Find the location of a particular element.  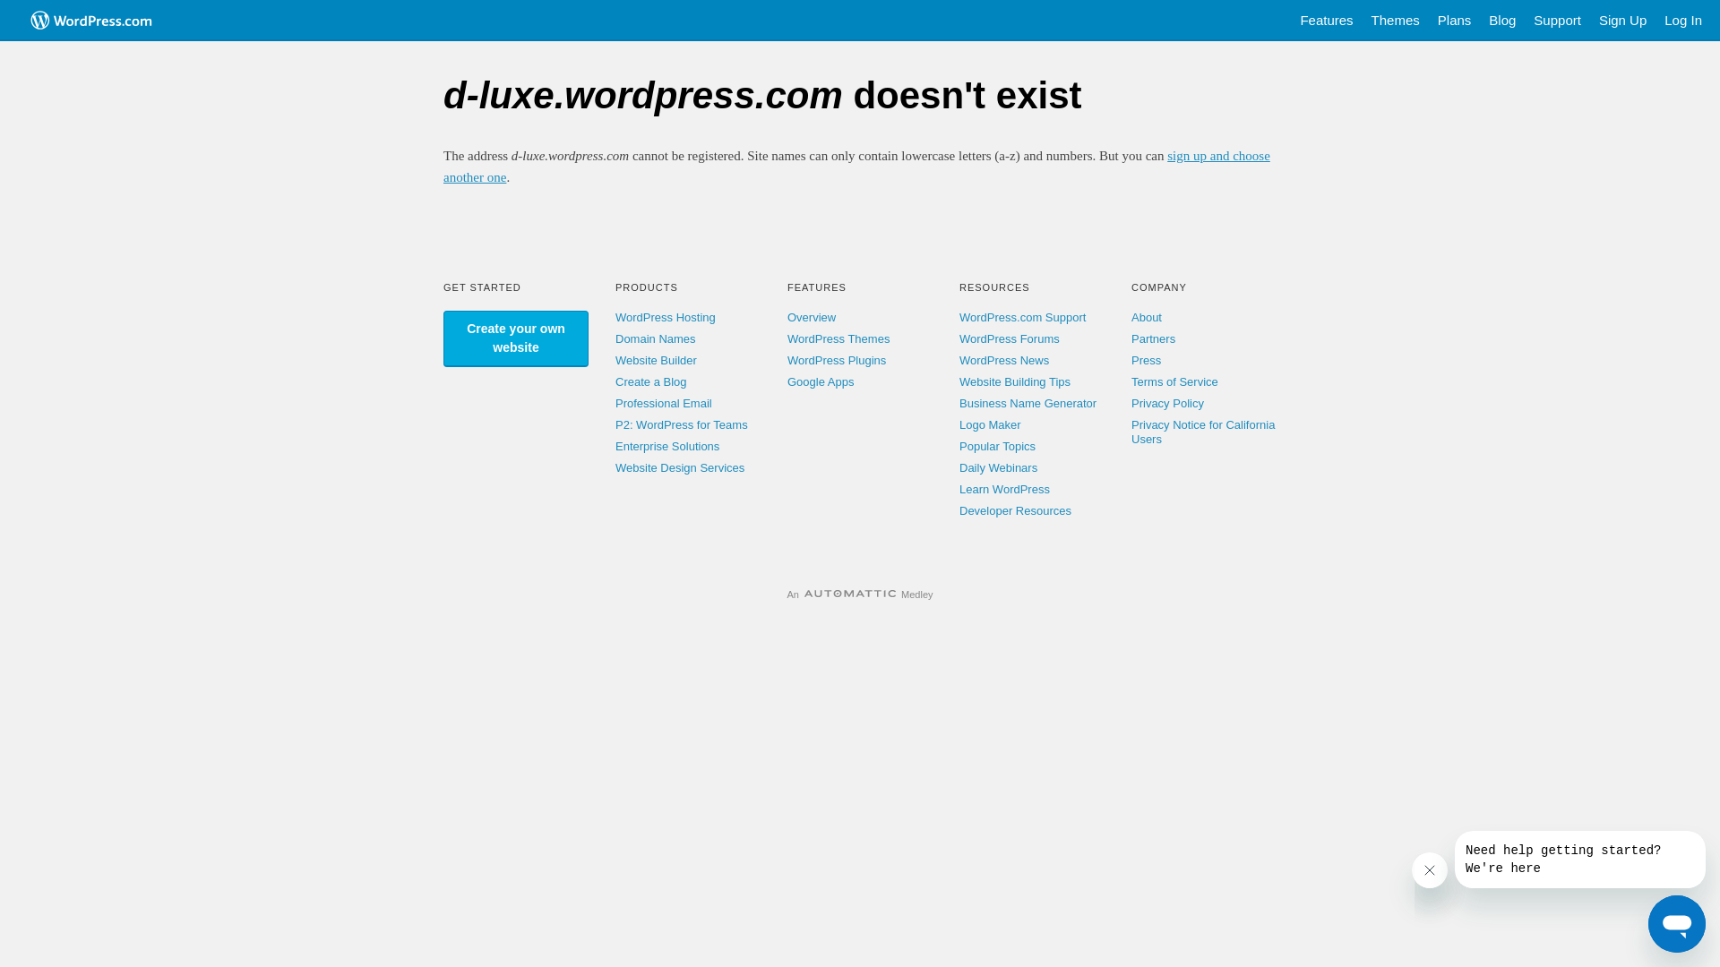

'Daily Webinars' is located at coordinates (997, 466).